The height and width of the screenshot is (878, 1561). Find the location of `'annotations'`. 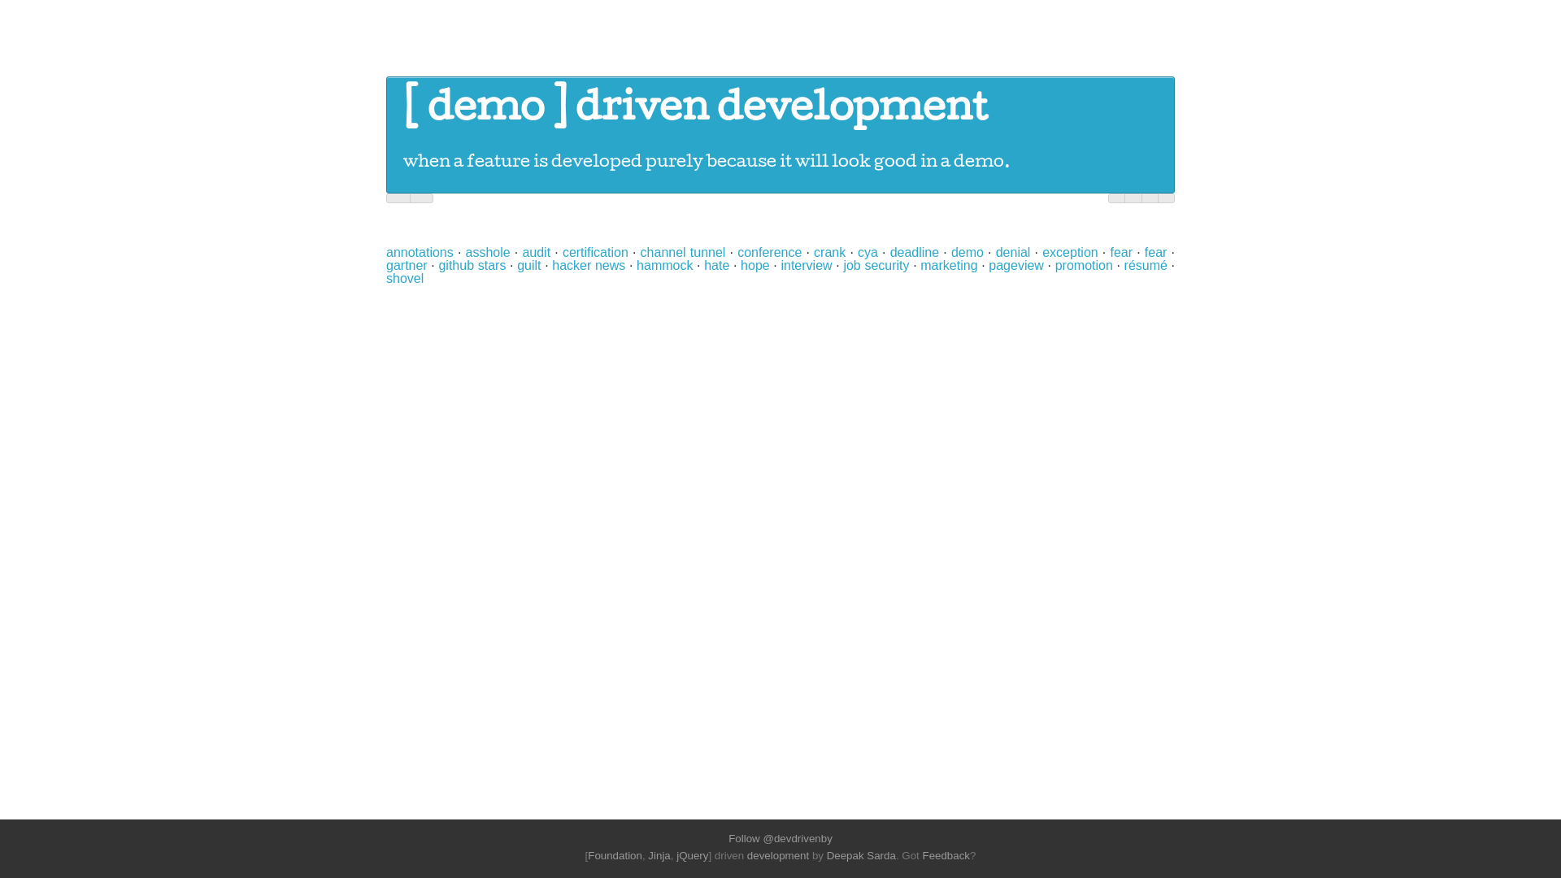

'annotations' is located at coordinates (385, 252).